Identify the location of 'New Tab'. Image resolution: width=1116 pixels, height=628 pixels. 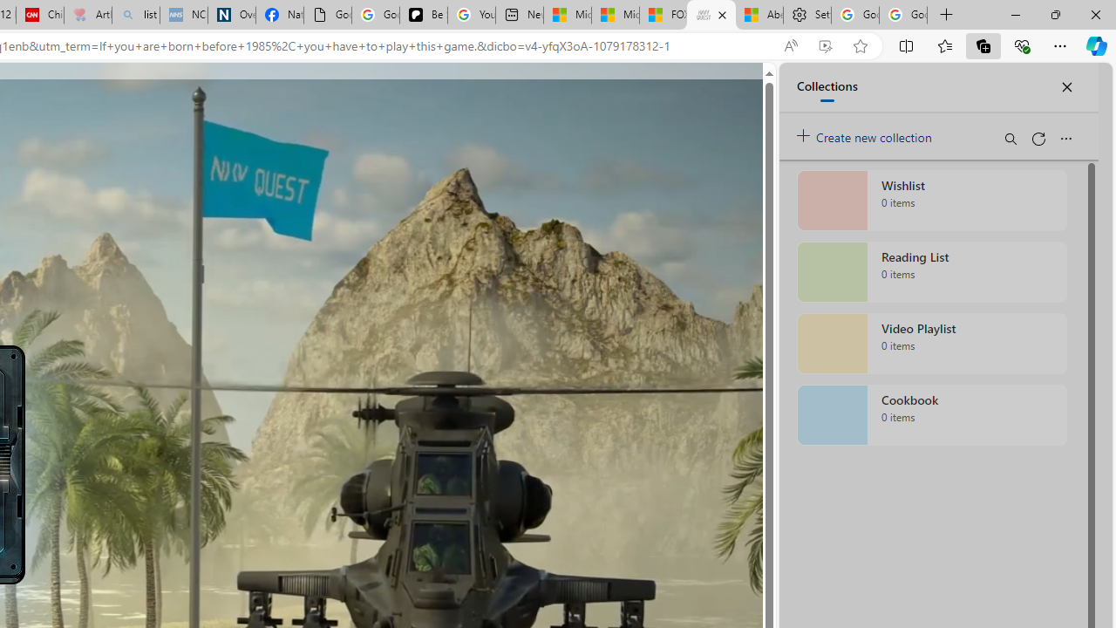
(946, 15).